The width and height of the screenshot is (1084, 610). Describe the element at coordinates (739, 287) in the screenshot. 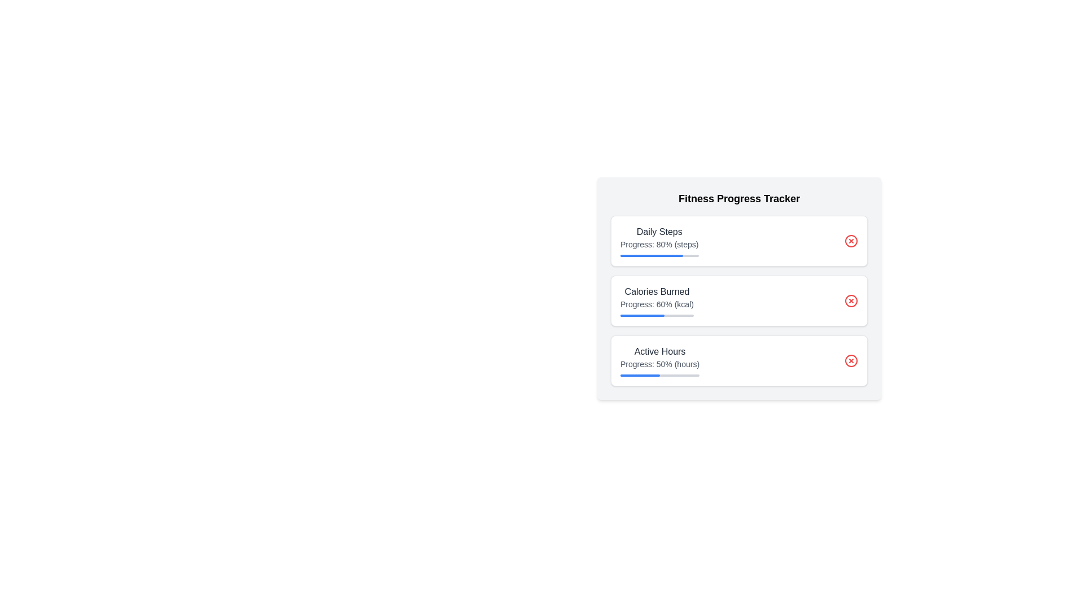

I see `the progress details by clicking on the 'Calories Burned' card in the Fitness Progress Tracker that displays a progress of 60%` at that location.